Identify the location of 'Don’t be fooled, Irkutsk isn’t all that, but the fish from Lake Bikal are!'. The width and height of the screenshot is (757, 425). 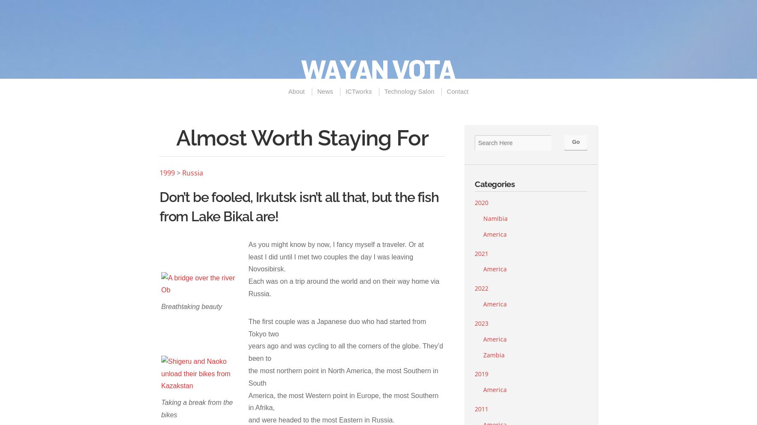
(298, 206).